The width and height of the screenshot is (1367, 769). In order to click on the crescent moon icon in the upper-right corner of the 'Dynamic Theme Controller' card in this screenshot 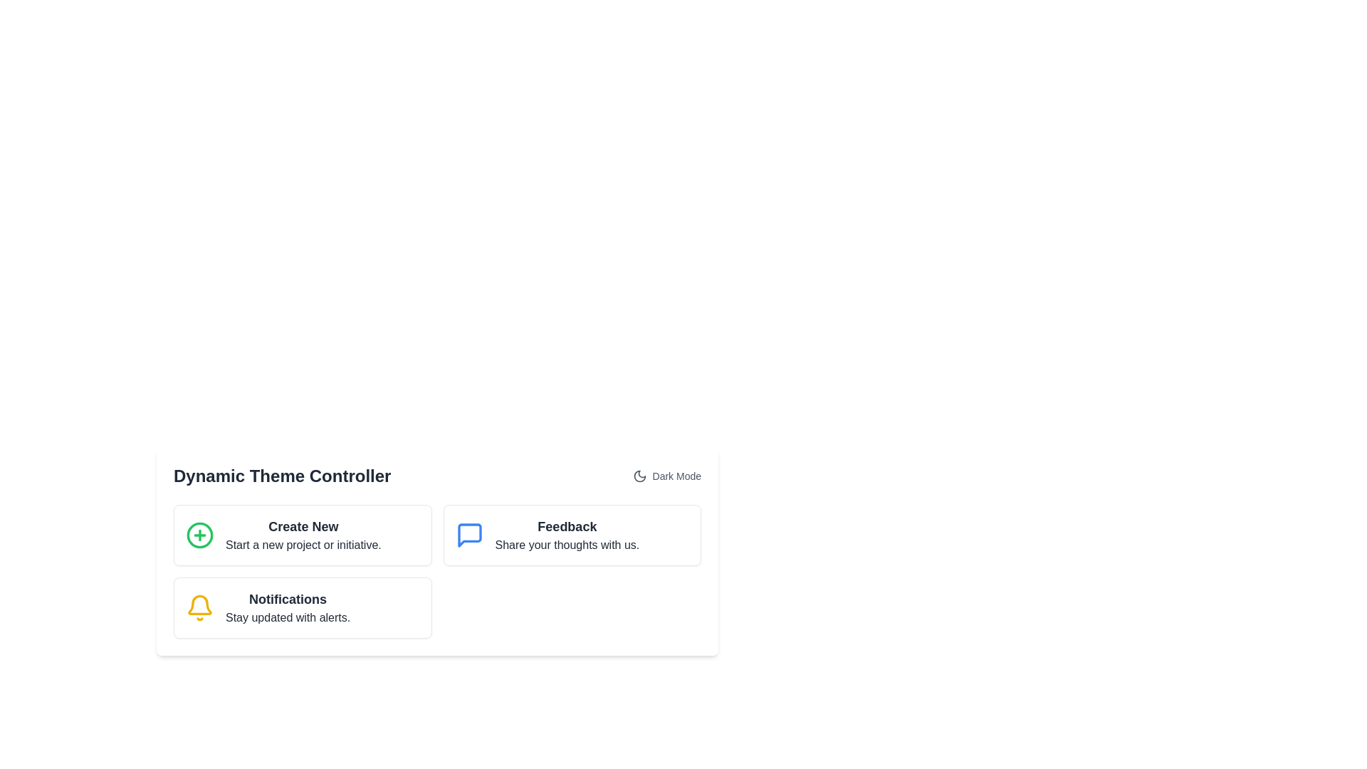, I will do `click(639, 476)`.